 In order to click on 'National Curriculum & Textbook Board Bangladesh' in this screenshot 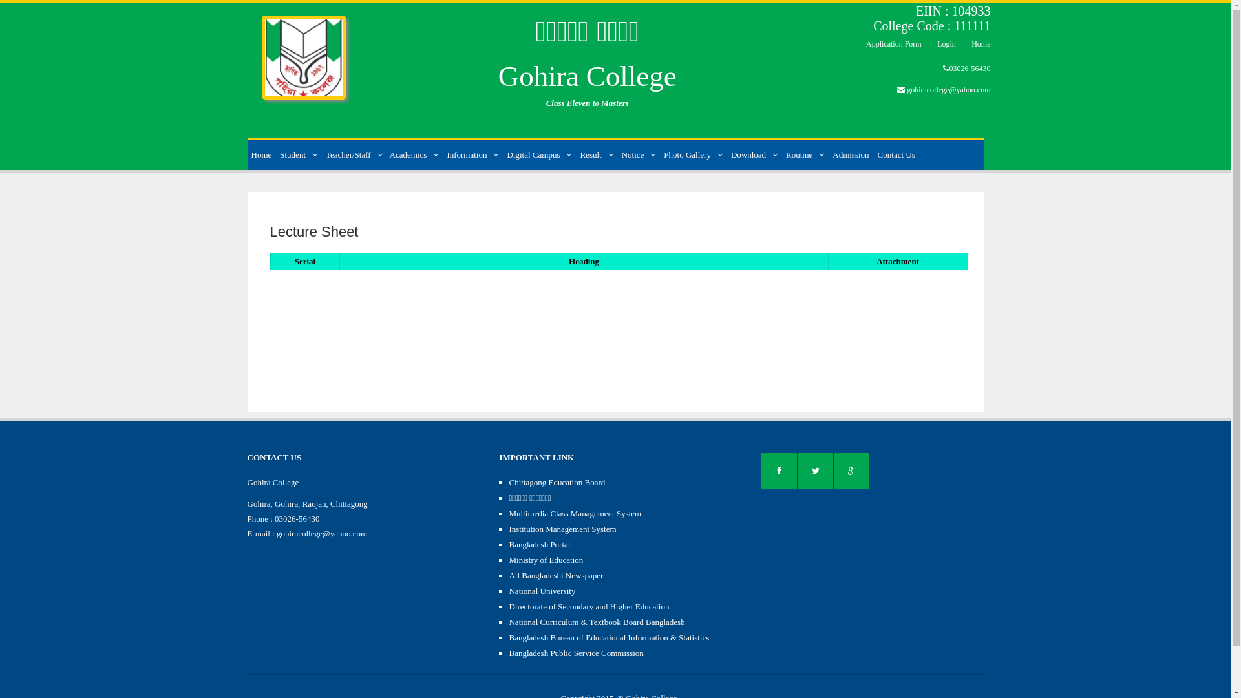, I will do `click(595, 621)`.